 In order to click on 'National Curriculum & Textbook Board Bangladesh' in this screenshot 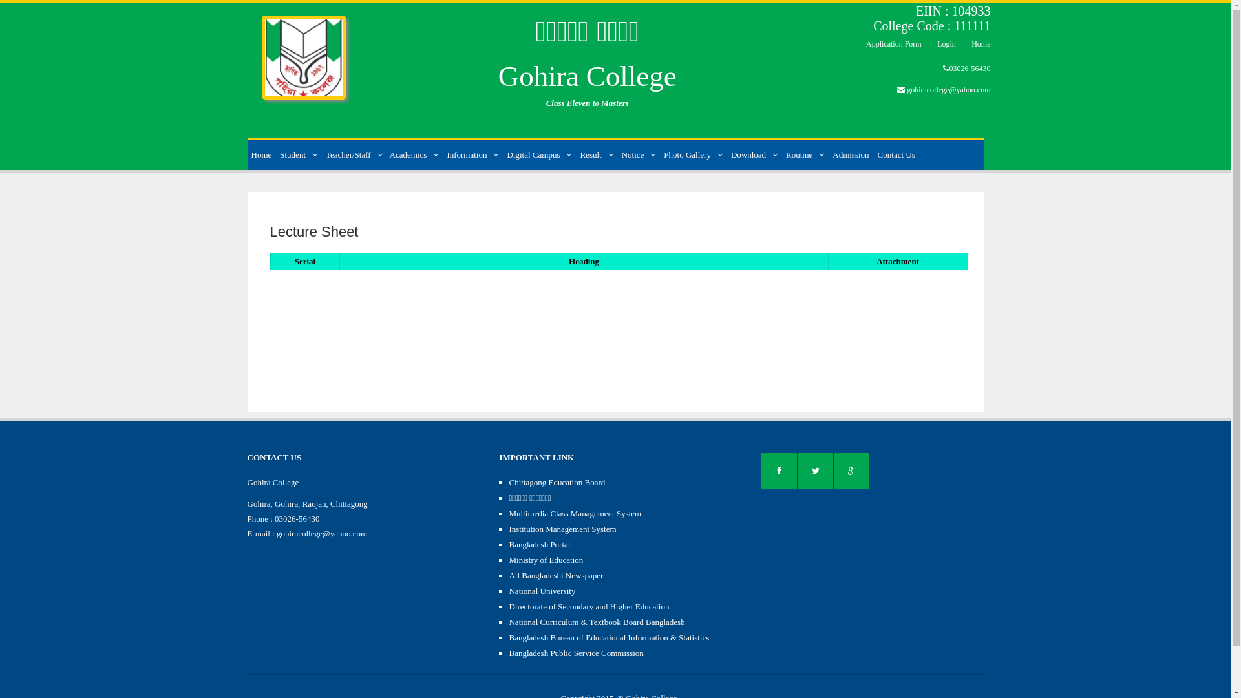, I will do `click(595, 621)`.